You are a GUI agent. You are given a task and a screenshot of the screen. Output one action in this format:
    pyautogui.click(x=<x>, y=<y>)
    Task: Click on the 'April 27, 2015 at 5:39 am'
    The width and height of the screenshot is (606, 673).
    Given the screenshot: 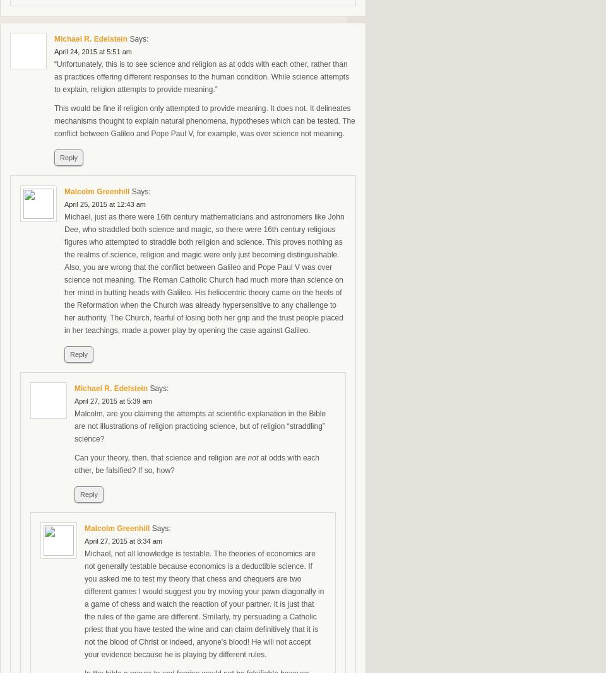 What is the action you would take?
    pyautogui.click(x=112, y=401)
    